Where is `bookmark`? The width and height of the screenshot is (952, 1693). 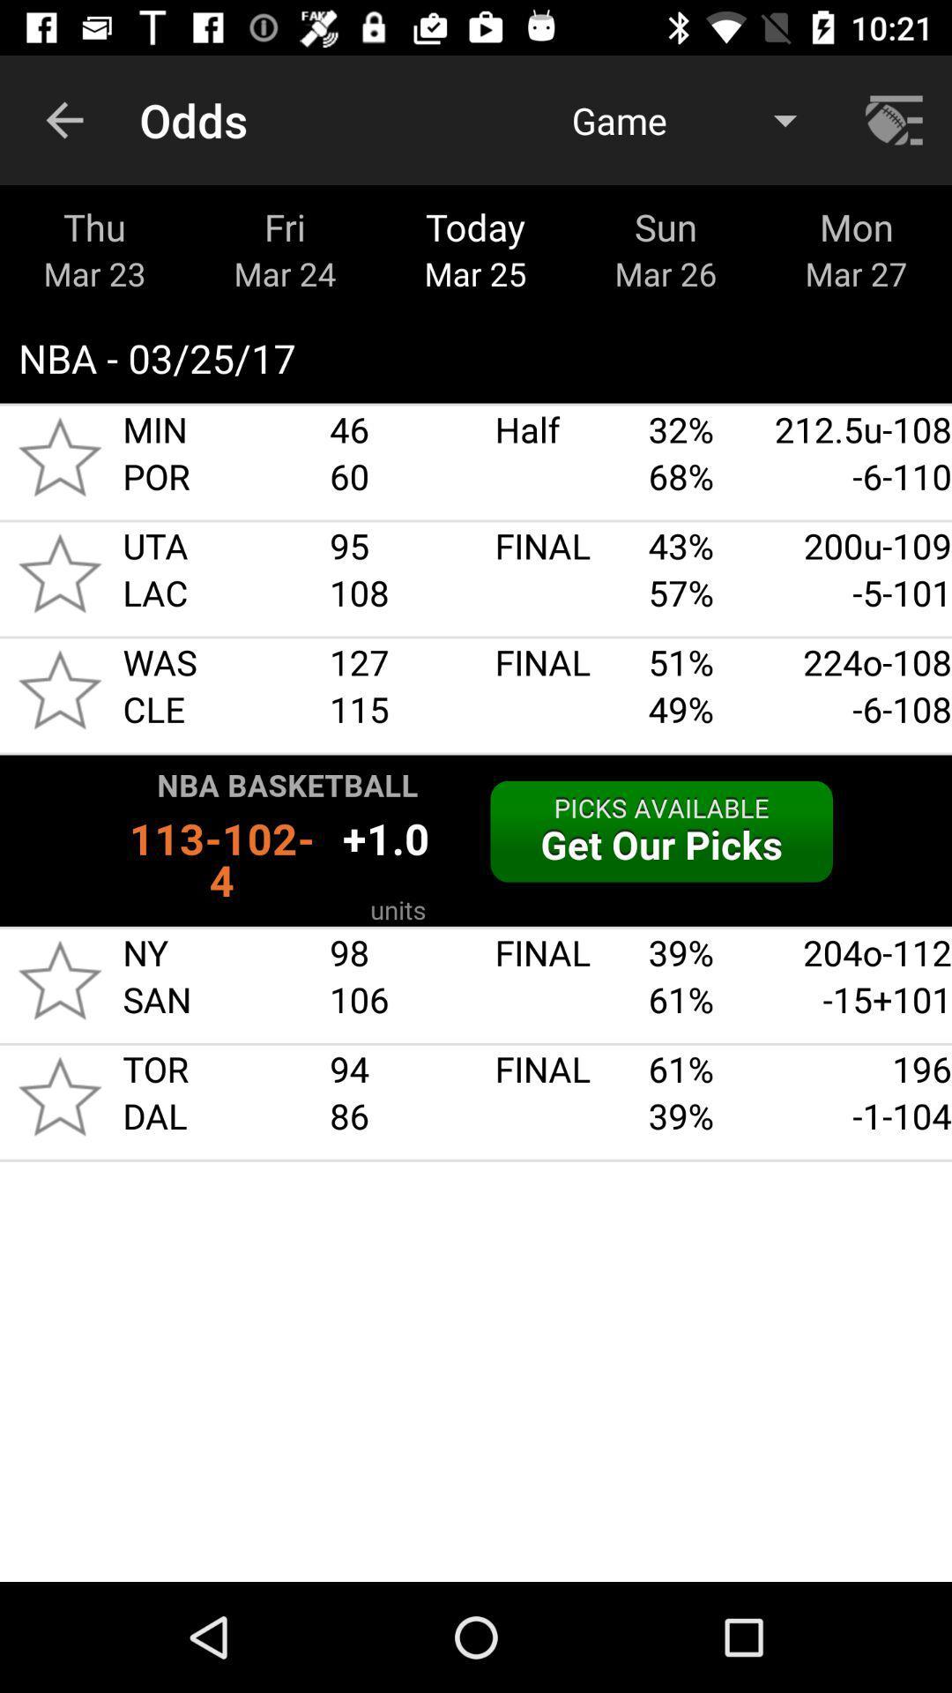 bookmark is located at coordinates (59, 573).